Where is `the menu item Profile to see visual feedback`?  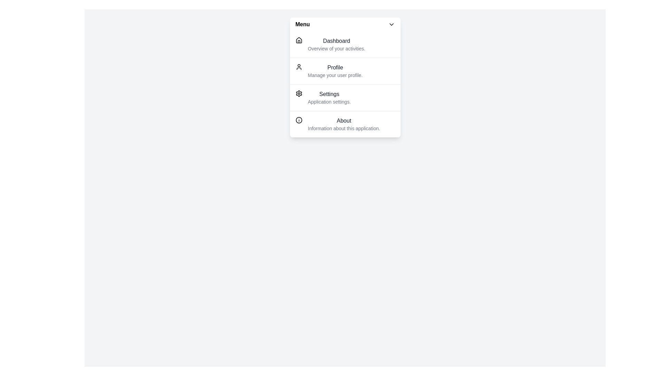
the menu item Profile to see visual feedback is located at coordinates (345, 71).